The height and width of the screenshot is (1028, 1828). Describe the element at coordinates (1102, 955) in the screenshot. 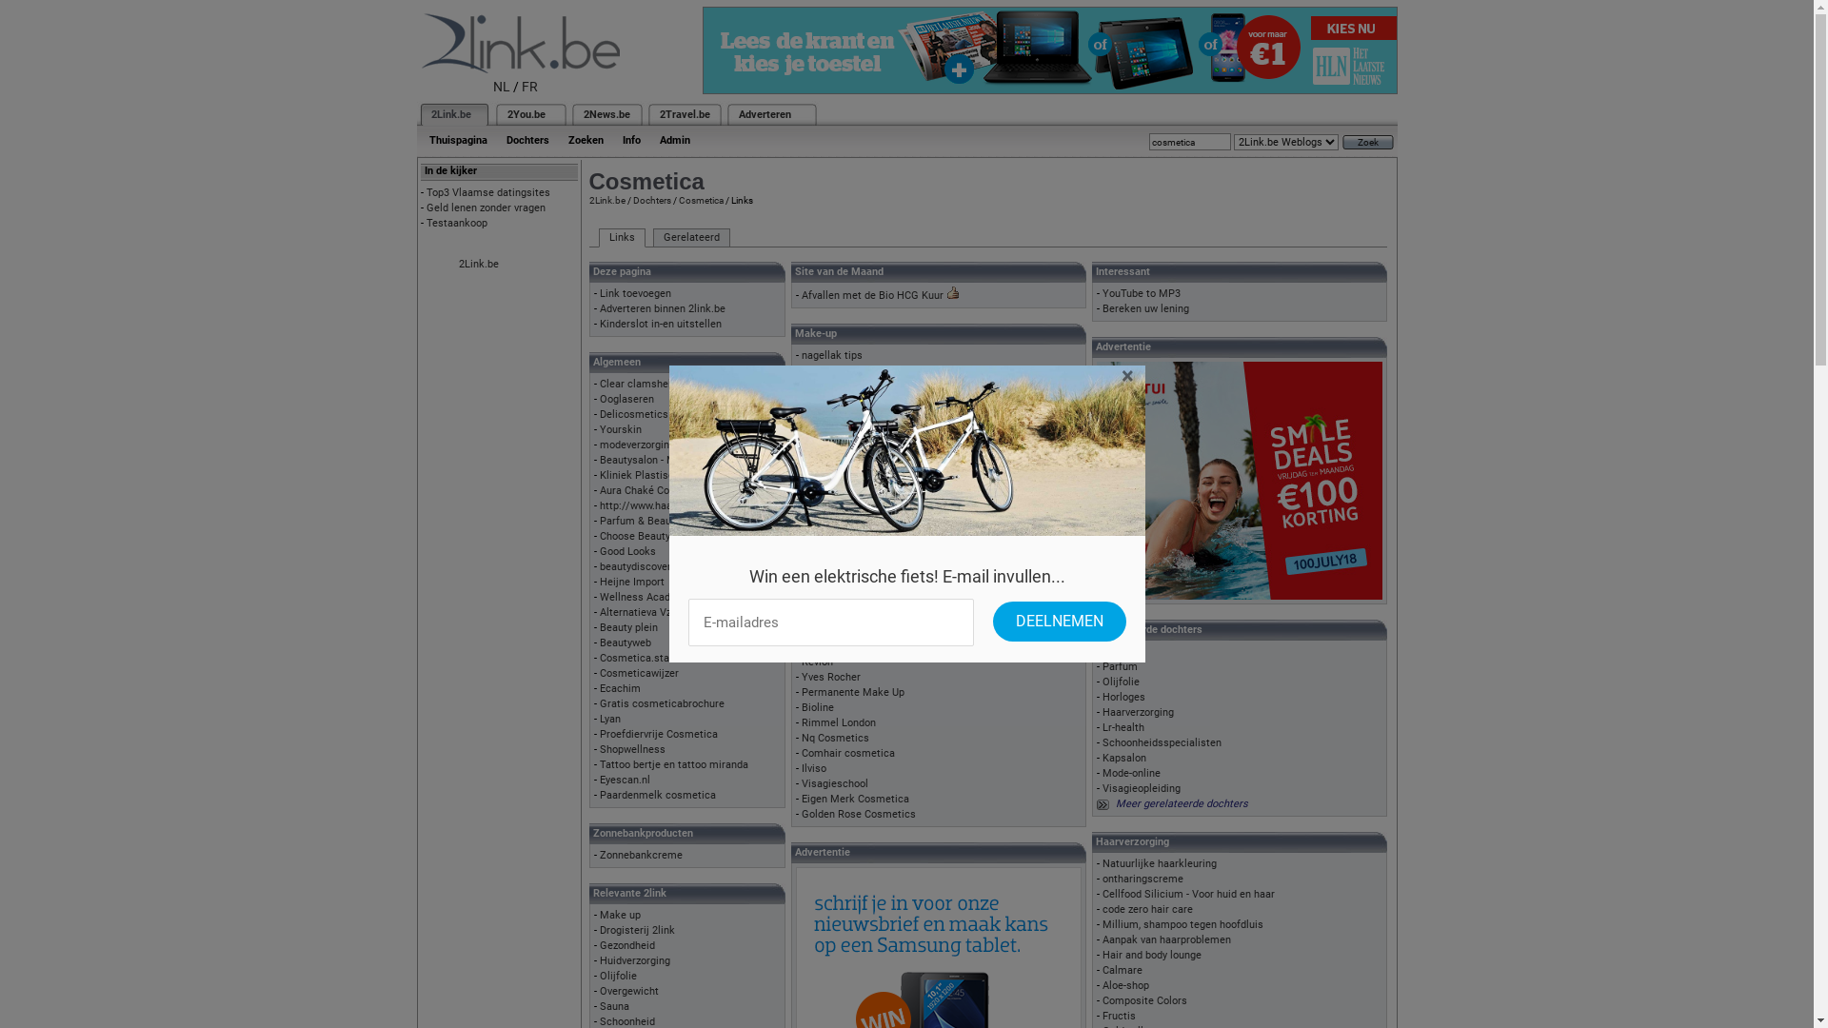

I see `'Hair and body lounge'` at that location.